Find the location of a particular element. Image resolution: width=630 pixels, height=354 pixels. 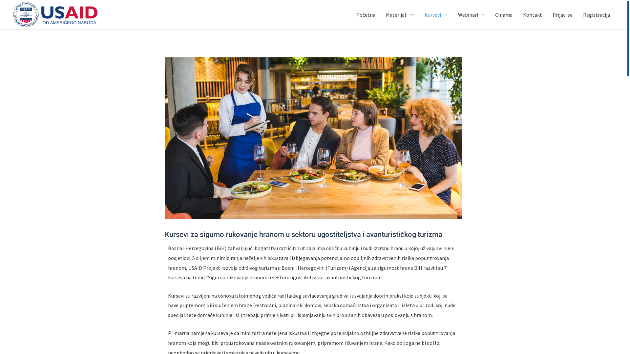

'O nama' is located at coordinates (503, 14).